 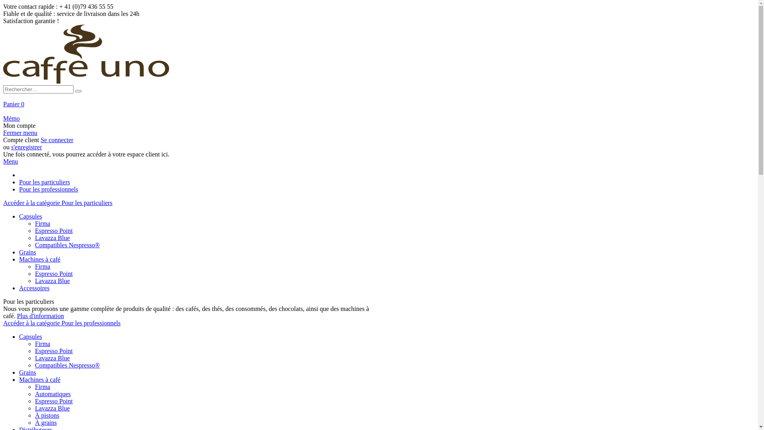 What do you see at coordinates (10, 161) in the screenshot?
I see `'Menu'` at bounding box center [10, 161].